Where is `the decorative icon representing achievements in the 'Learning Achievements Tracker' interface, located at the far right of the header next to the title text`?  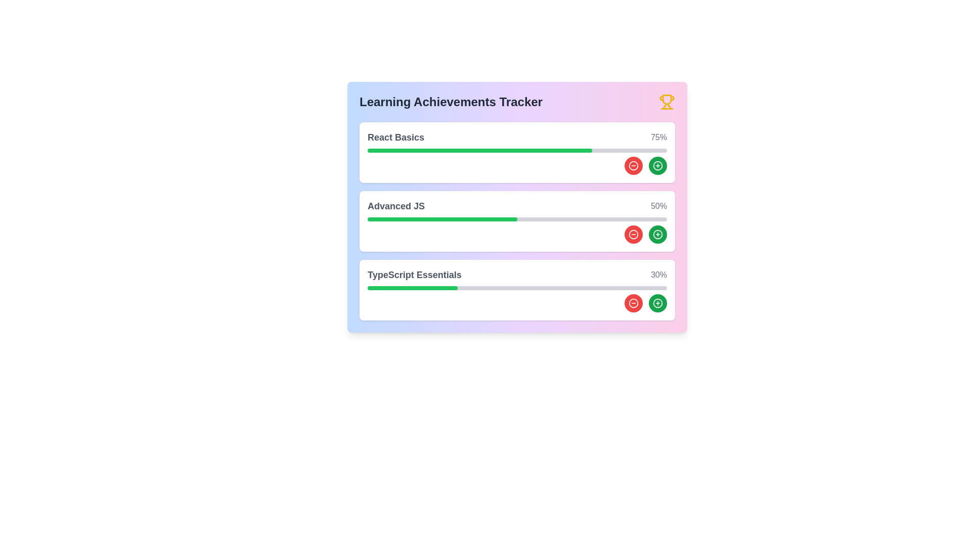 the decorative icon representing achievements in the 'Learning Achievements Tracker' interface, located at the far right of the header next to the title text is located at coordinates (667, 102).